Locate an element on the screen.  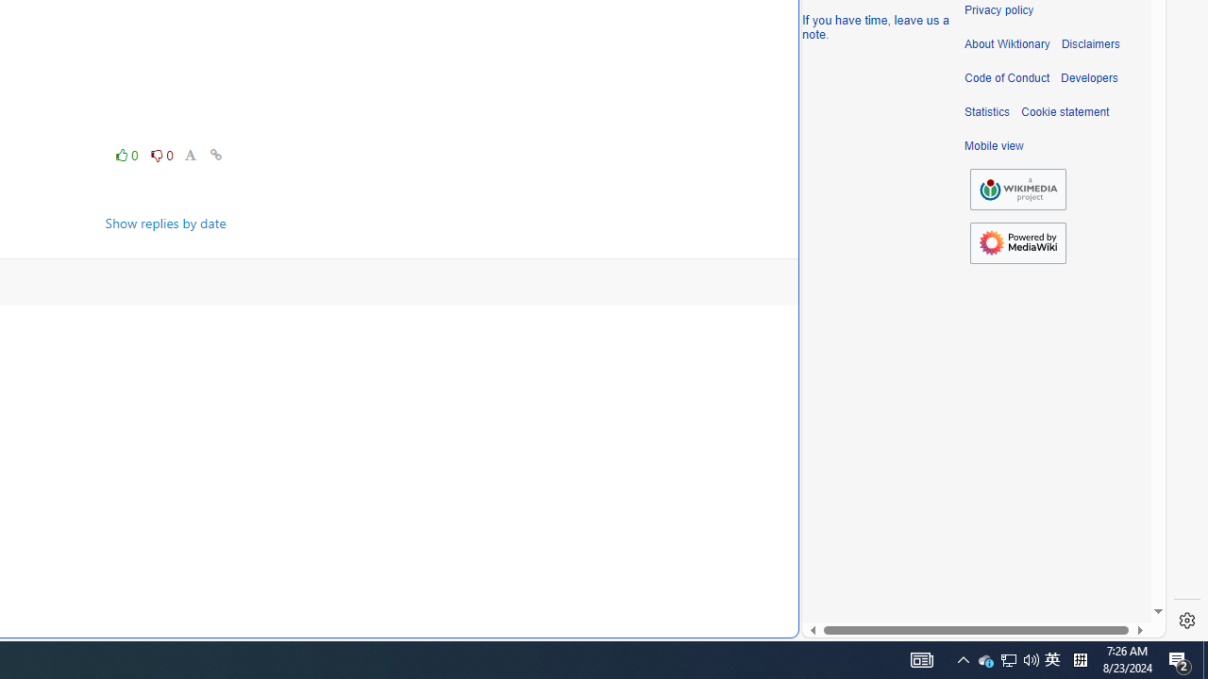
'Statistics' is located at coordinates (986, 112).